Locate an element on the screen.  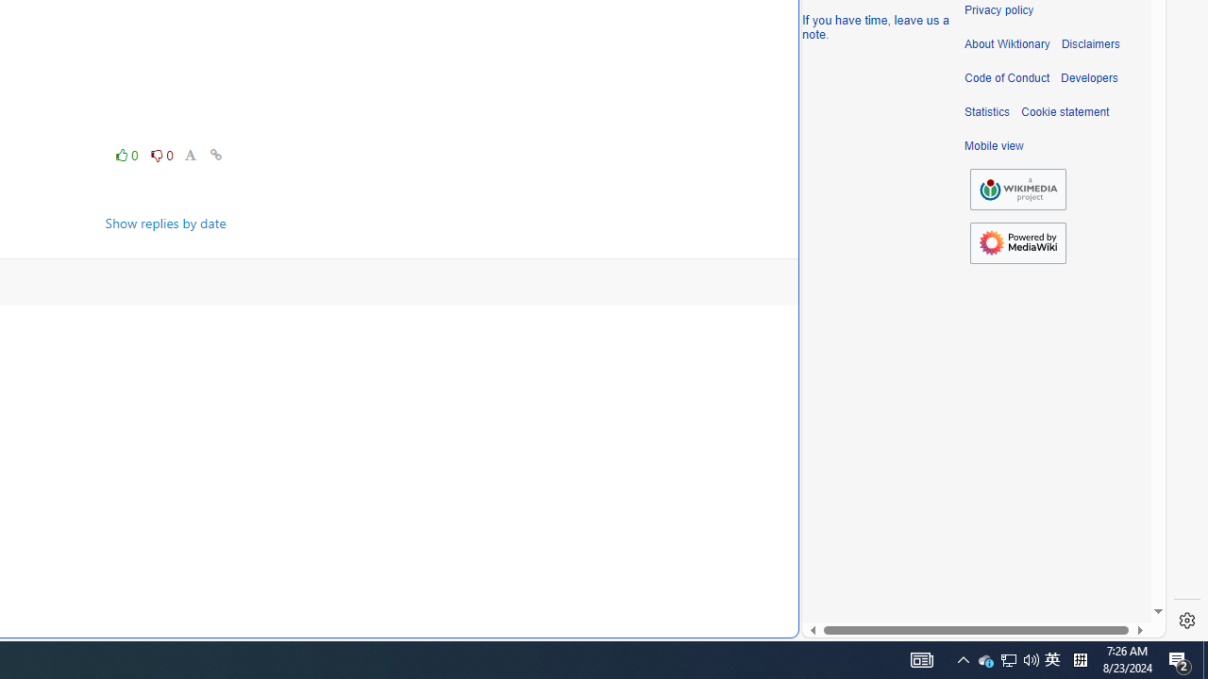
'Statistics' is located at coordinates (986, 112).